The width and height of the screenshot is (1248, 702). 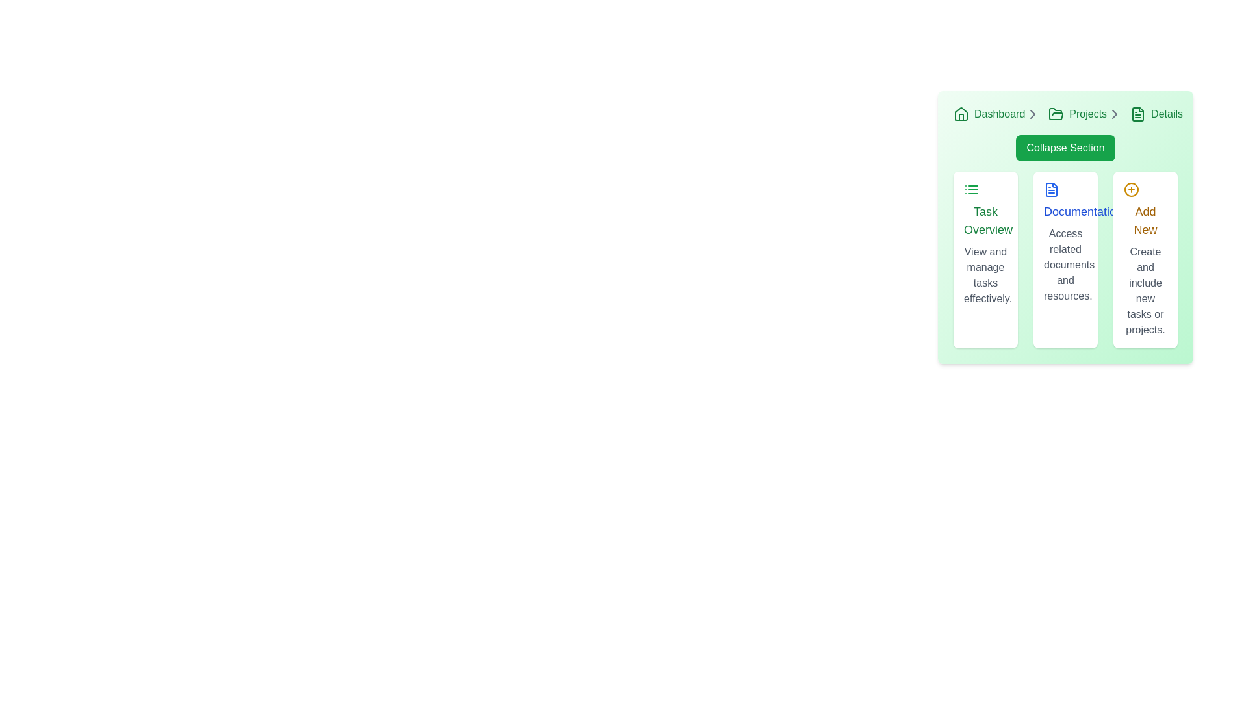 What do you see at coordinates (999, 114) in the screenshot?
I see `the 'Dashboard' text navigation link, which is styled in bold green text and located next to a home icon in the top-left navigation area` at bounding box center [999, 114].